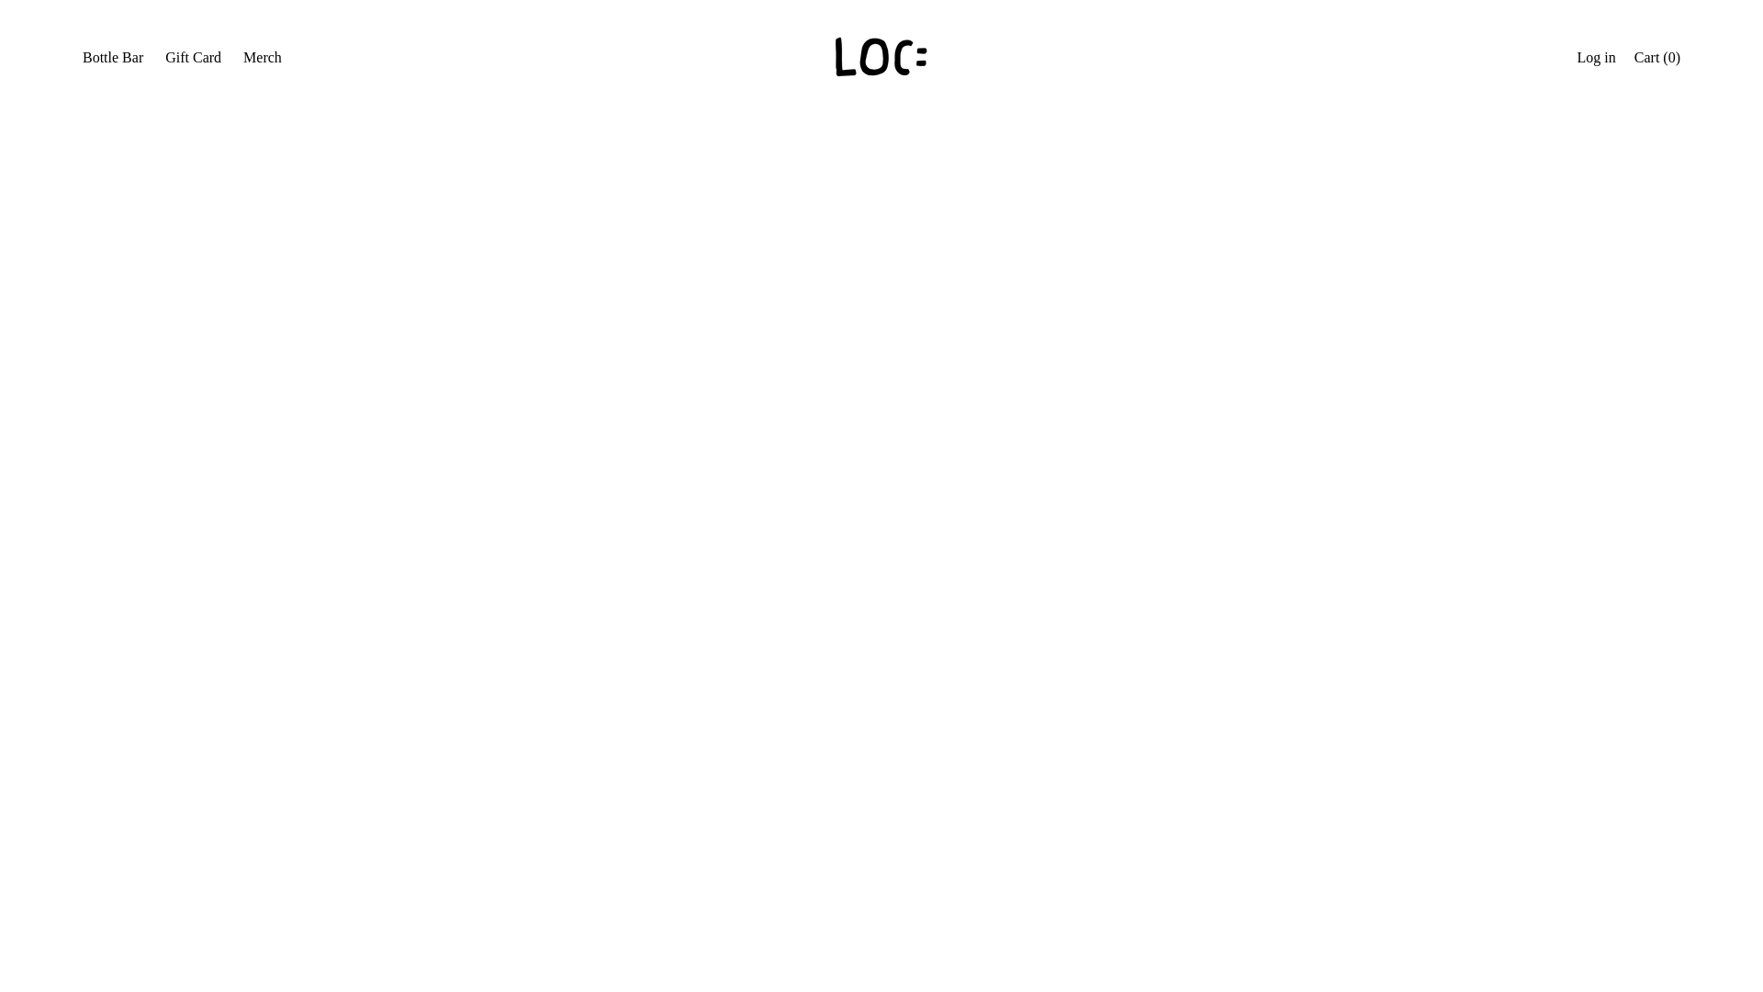 The height and width of the screenshot is (992, 1763). What do you see at coordinates (160, 428) in the screenshot?
I see `'Terms & Conditions'` at bounding box center [160, 428].